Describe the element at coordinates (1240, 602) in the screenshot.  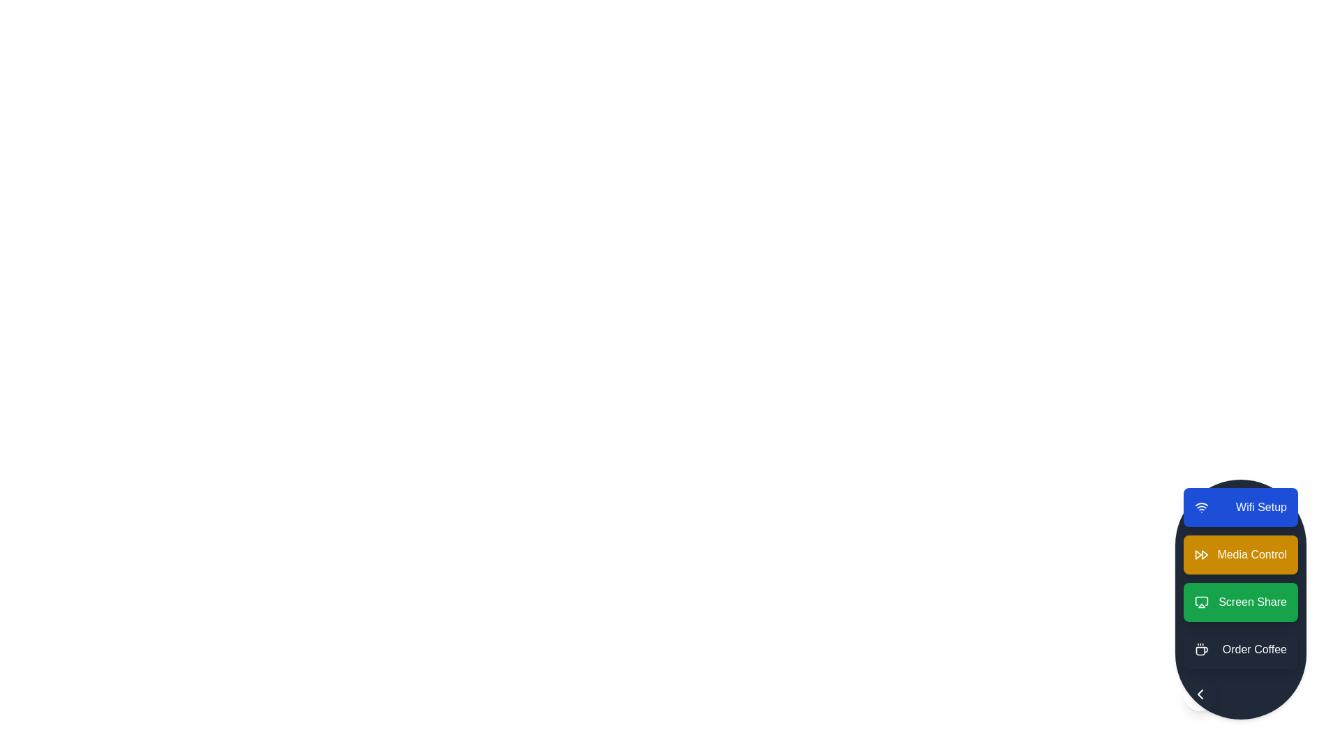
I see `the action item labeled Screen Share to observe visual feedback` at that location.